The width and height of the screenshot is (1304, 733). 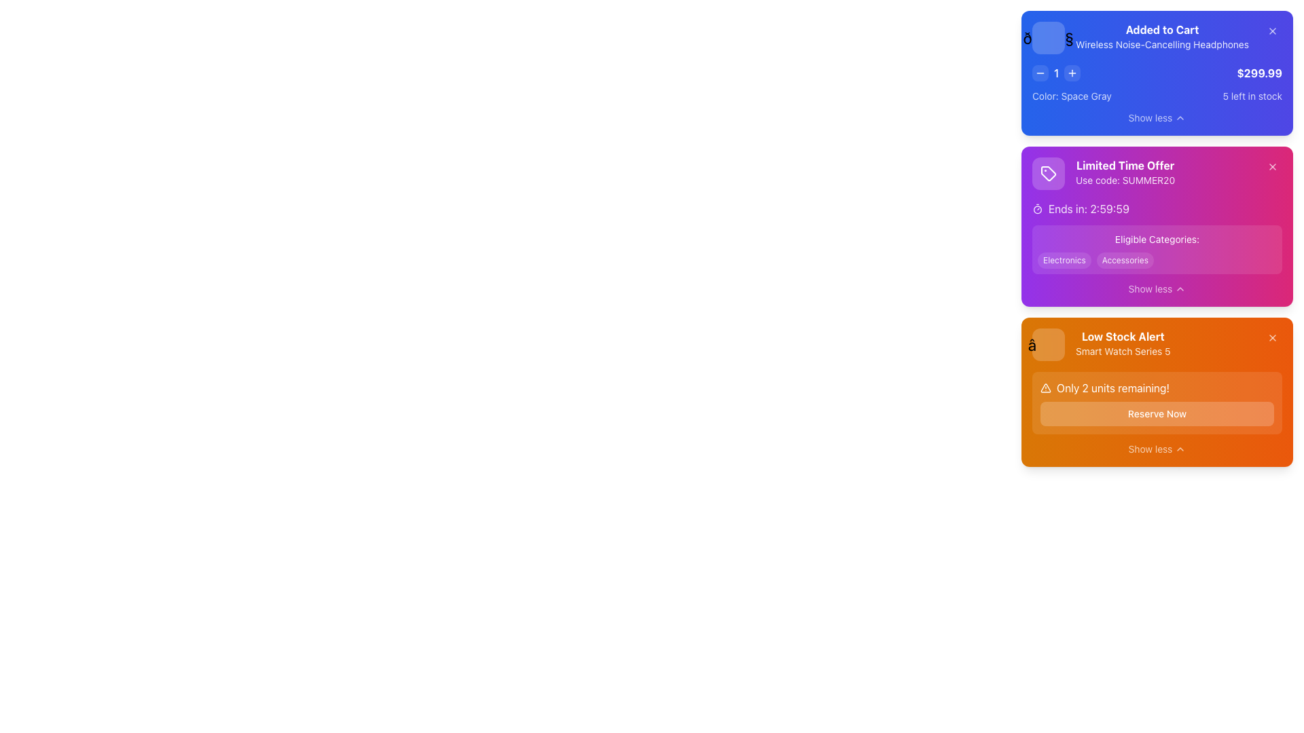 I want to click on the interactive link text located at the bottom of the blue card, so click(x=1150, y=117).